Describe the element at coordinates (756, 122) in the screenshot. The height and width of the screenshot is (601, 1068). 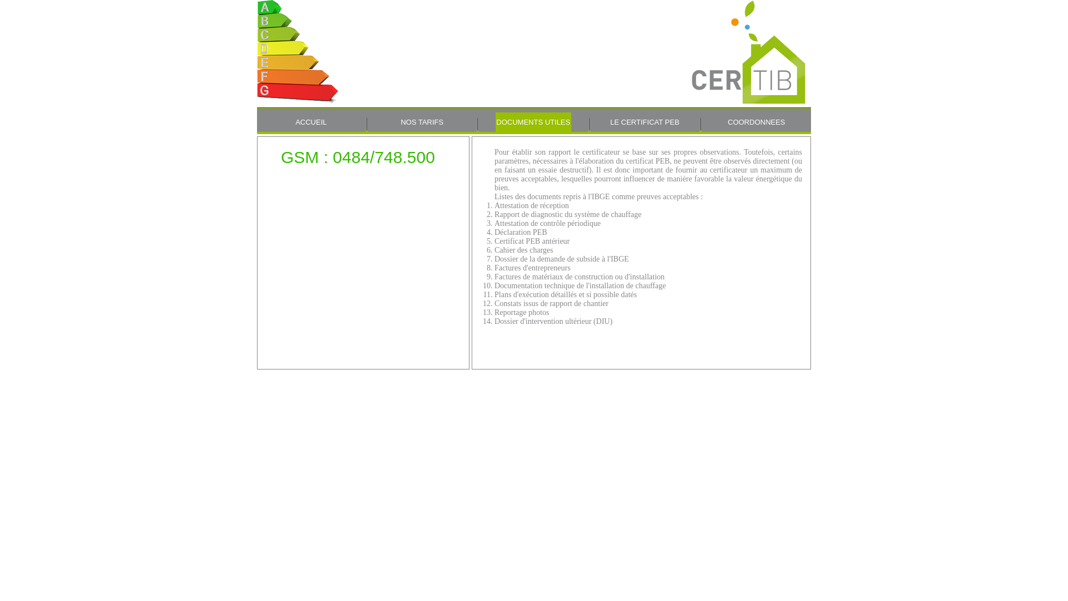
I see `'COORDONNEES'` at that location.